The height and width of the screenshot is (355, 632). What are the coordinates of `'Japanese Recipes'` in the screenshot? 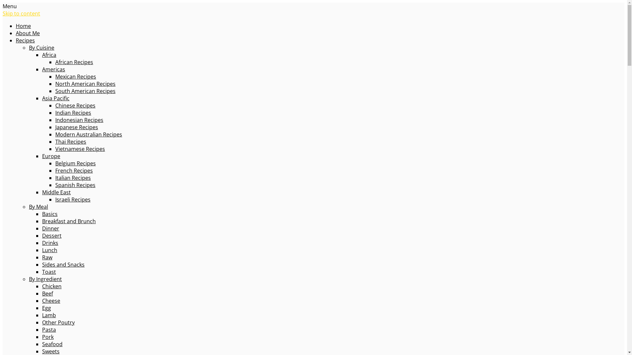 It's located at (55, 127).